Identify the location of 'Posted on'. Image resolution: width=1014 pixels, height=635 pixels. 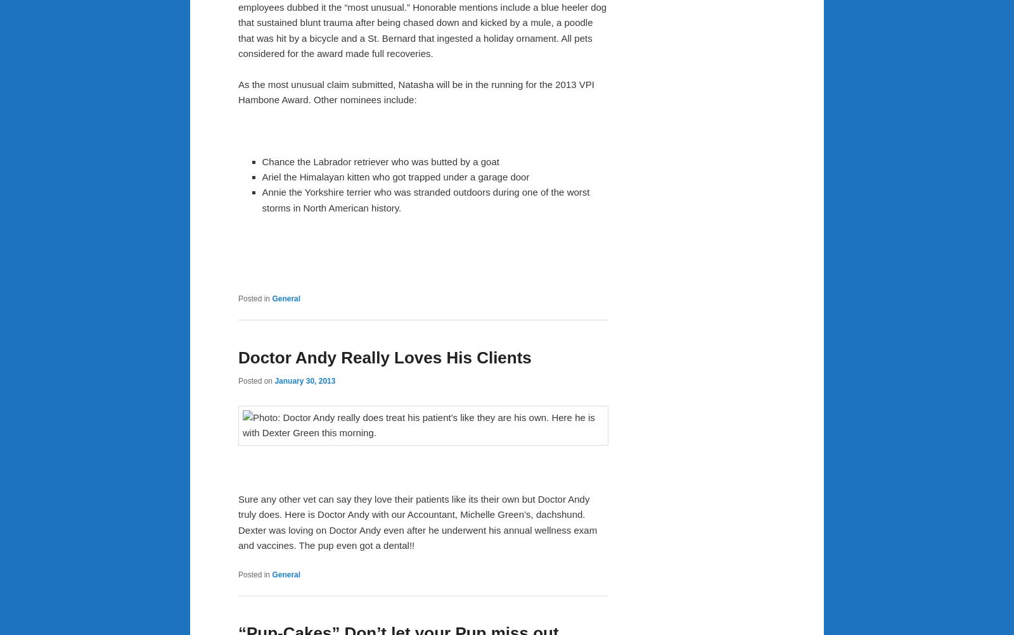
(255, 379).